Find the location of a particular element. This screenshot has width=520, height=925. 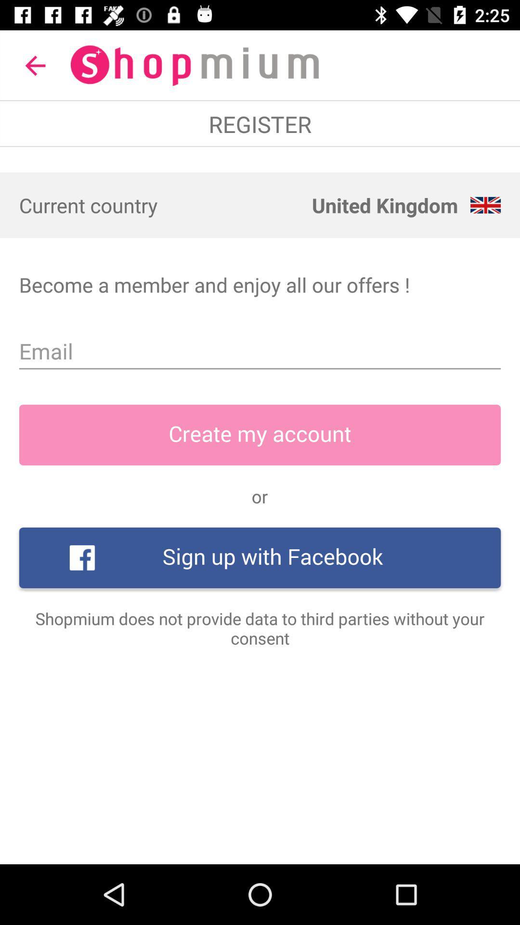

item above shopmium does not item is located at coordinates (260, 557).